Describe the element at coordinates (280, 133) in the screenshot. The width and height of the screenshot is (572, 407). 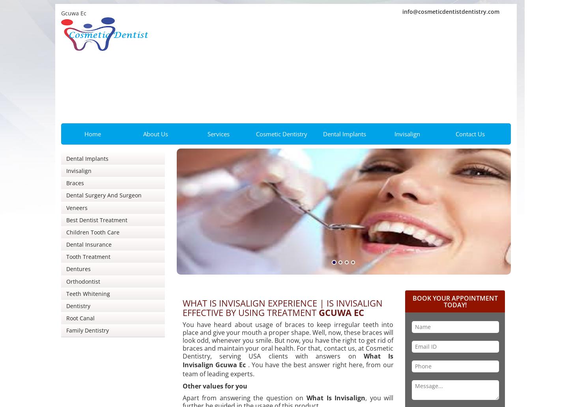
I see `'Cosmetic Dentistry'` at that location.